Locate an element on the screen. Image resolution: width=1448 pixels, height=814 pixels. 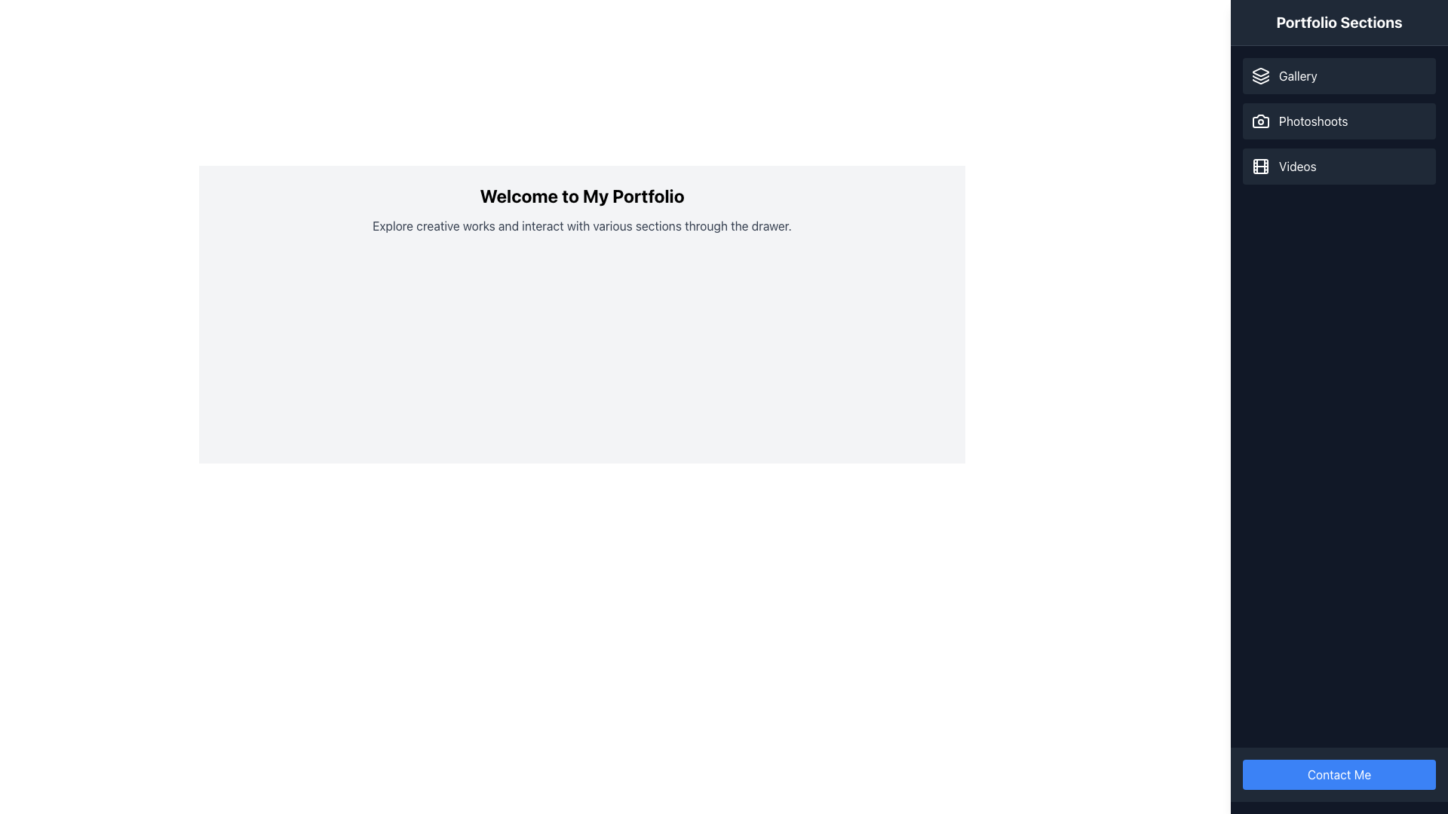
the 'Videos' text label within the sidebar navigation menu, which is the third item below 'Photoshoots' is located at coordinates (1296, 166).